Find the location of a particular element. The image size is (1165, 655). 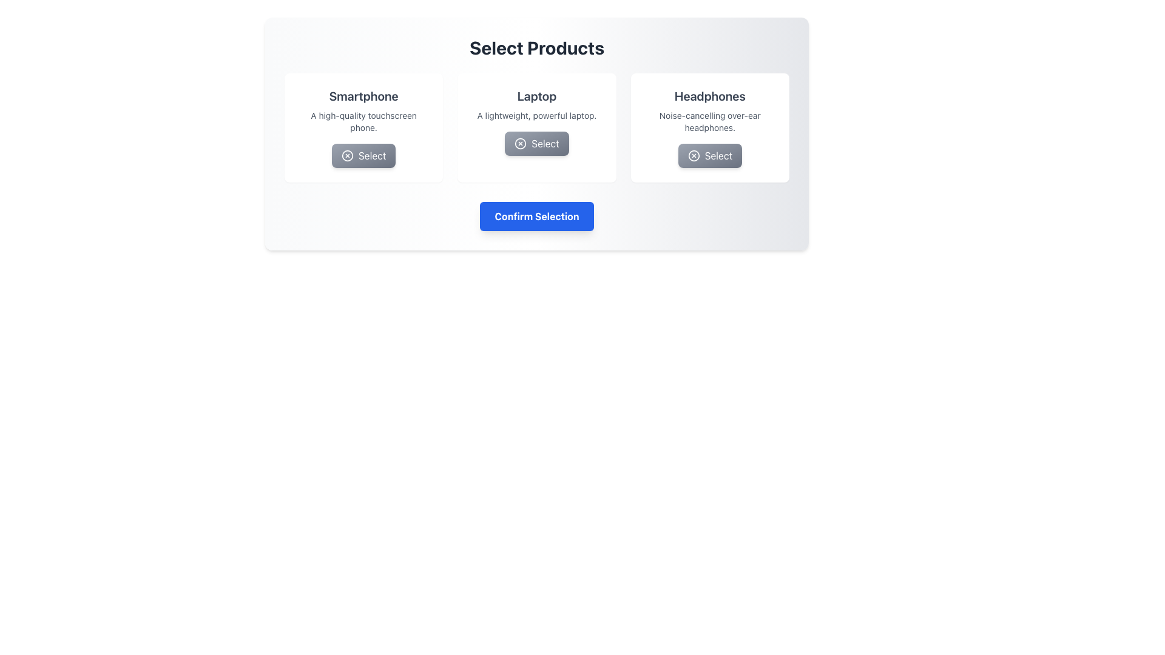

the rectangular button labeled 'Select' with a circle icon containing an 'X' is located at coordinates (363, 155).